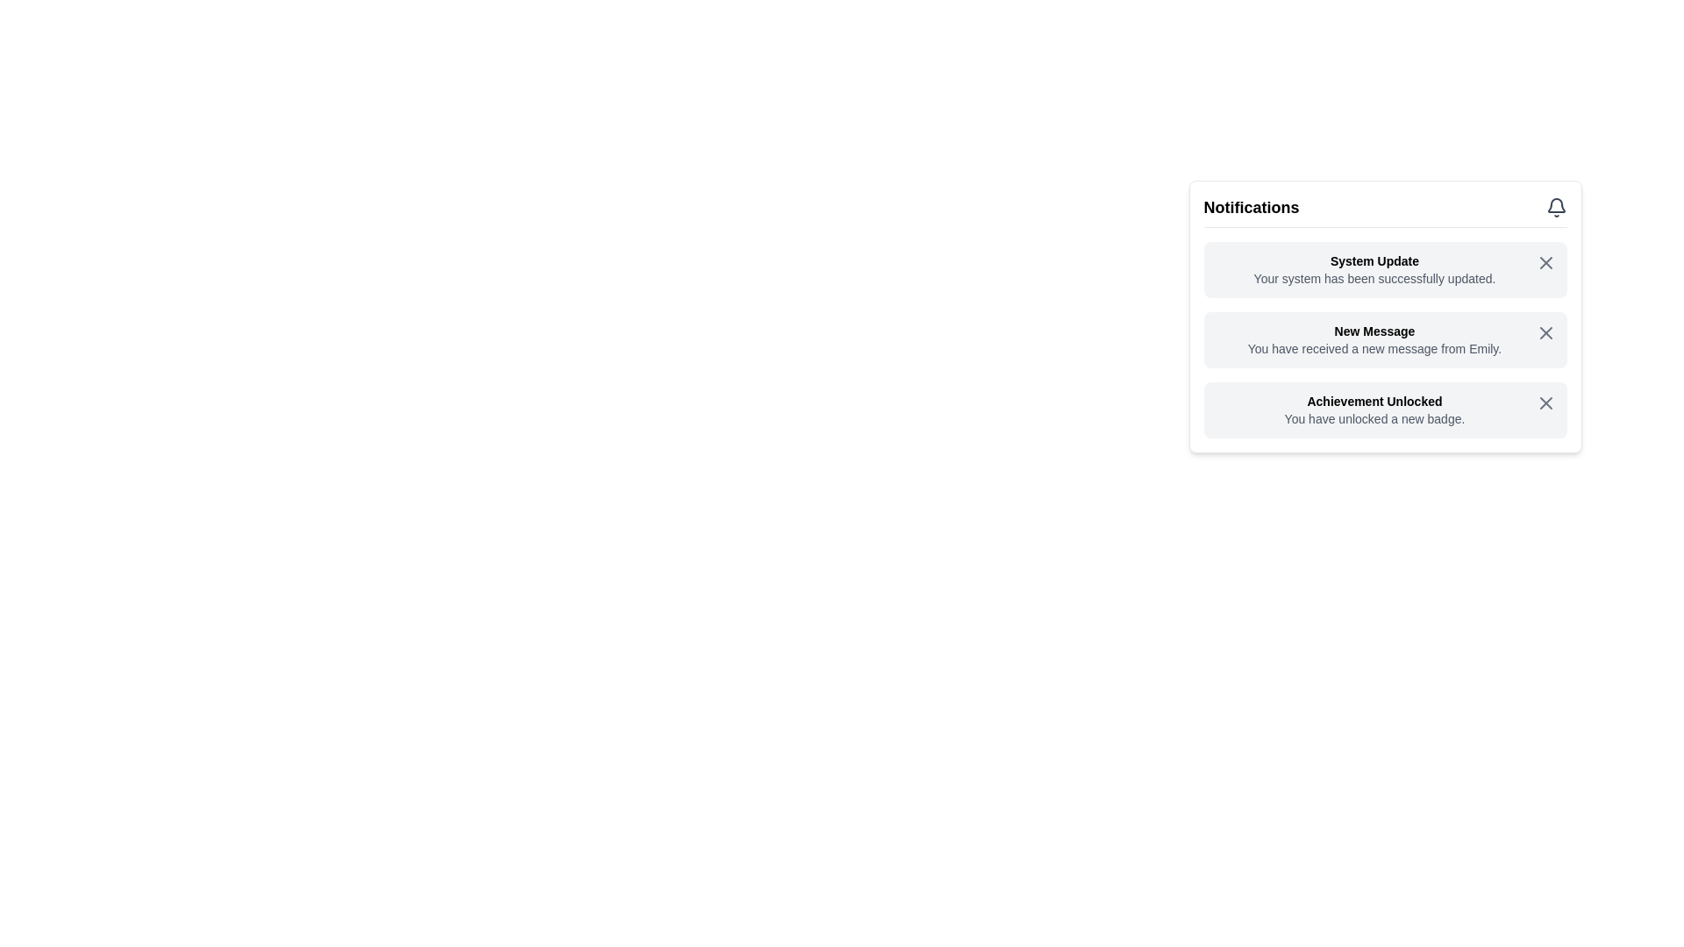  I want to click on the 'X' button in the top-right corner of the notification item titled 'New Message', so click(1545, 333).